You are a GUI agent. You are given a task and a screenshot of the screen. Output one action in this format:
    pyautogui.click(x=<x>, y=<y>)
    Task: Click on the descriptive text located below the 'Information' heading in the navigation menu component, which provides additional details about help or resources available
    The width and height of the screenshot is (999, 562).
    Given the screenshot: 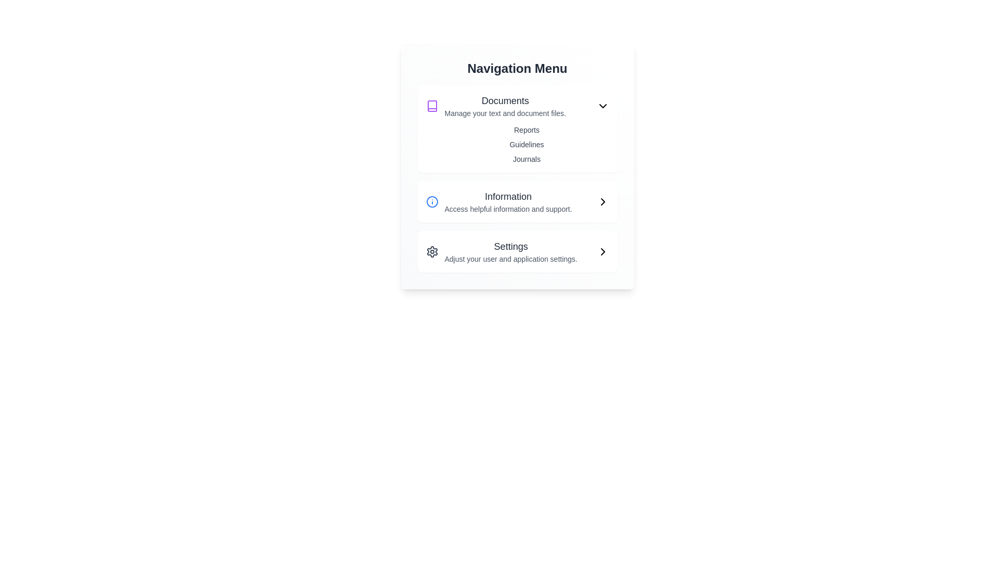 What is the action you would take?
    pyautogui.click(x=508, y=209)
    